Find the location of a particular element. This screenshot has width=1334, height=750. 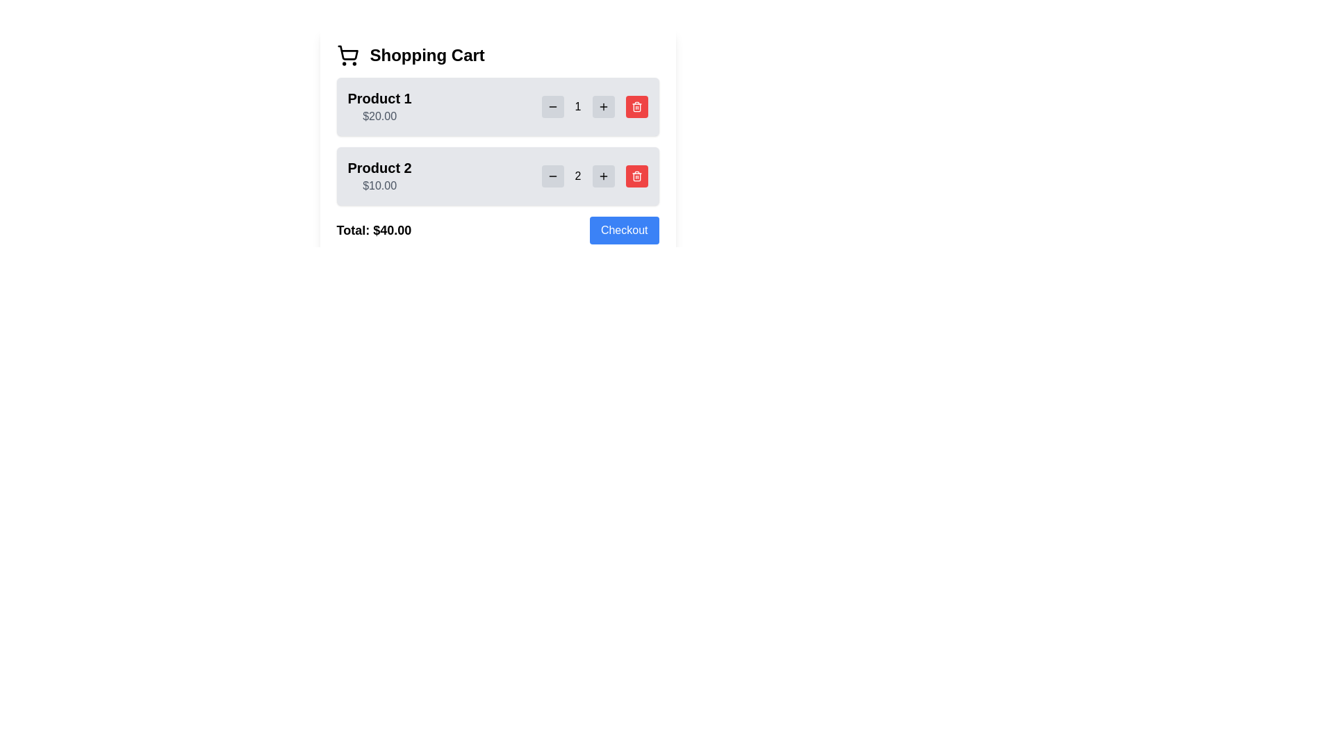

the quantity increment button located in the quantity control section of the first product row in the shopping cart to increase the displayed product quantity is located at coordinates (603, 106).